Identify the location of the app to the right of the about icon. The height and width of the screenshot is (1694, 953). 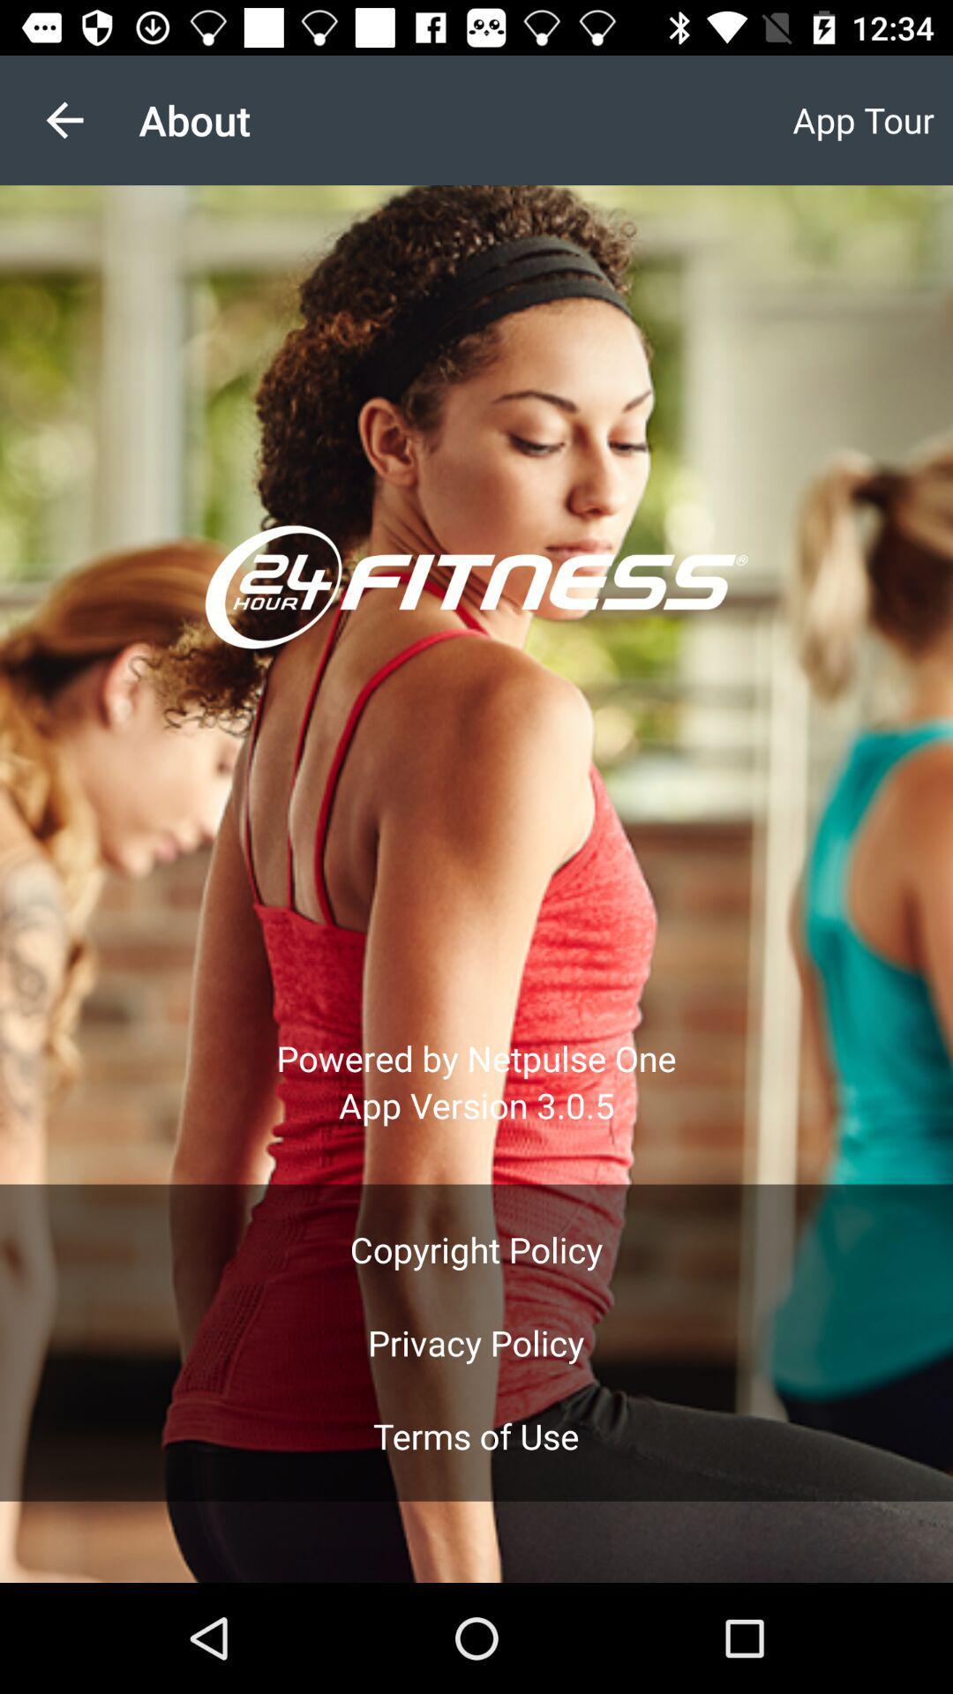
(862, 119).